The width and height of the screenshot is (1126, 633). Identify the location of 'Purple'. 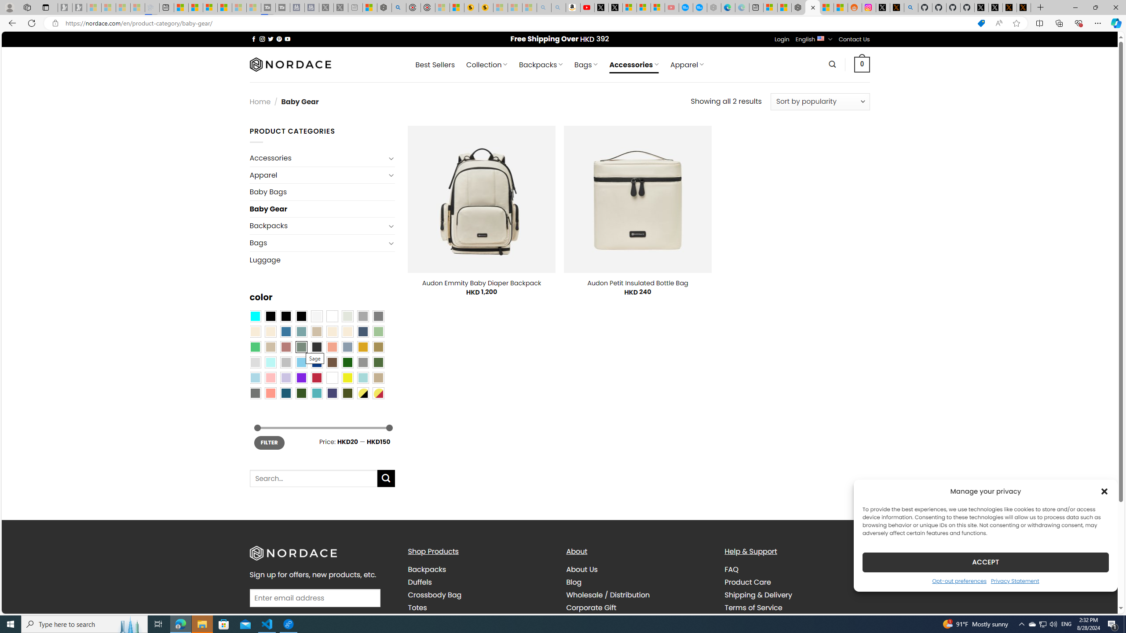
(301, 377).